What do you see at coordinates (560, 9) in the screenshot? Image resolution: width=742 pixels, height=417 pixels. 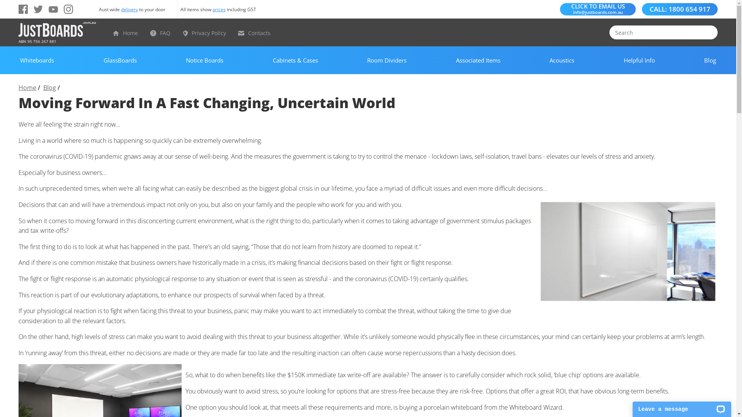 I see `'CLICK TO EMAIL US` at bounding box center [560, 9].